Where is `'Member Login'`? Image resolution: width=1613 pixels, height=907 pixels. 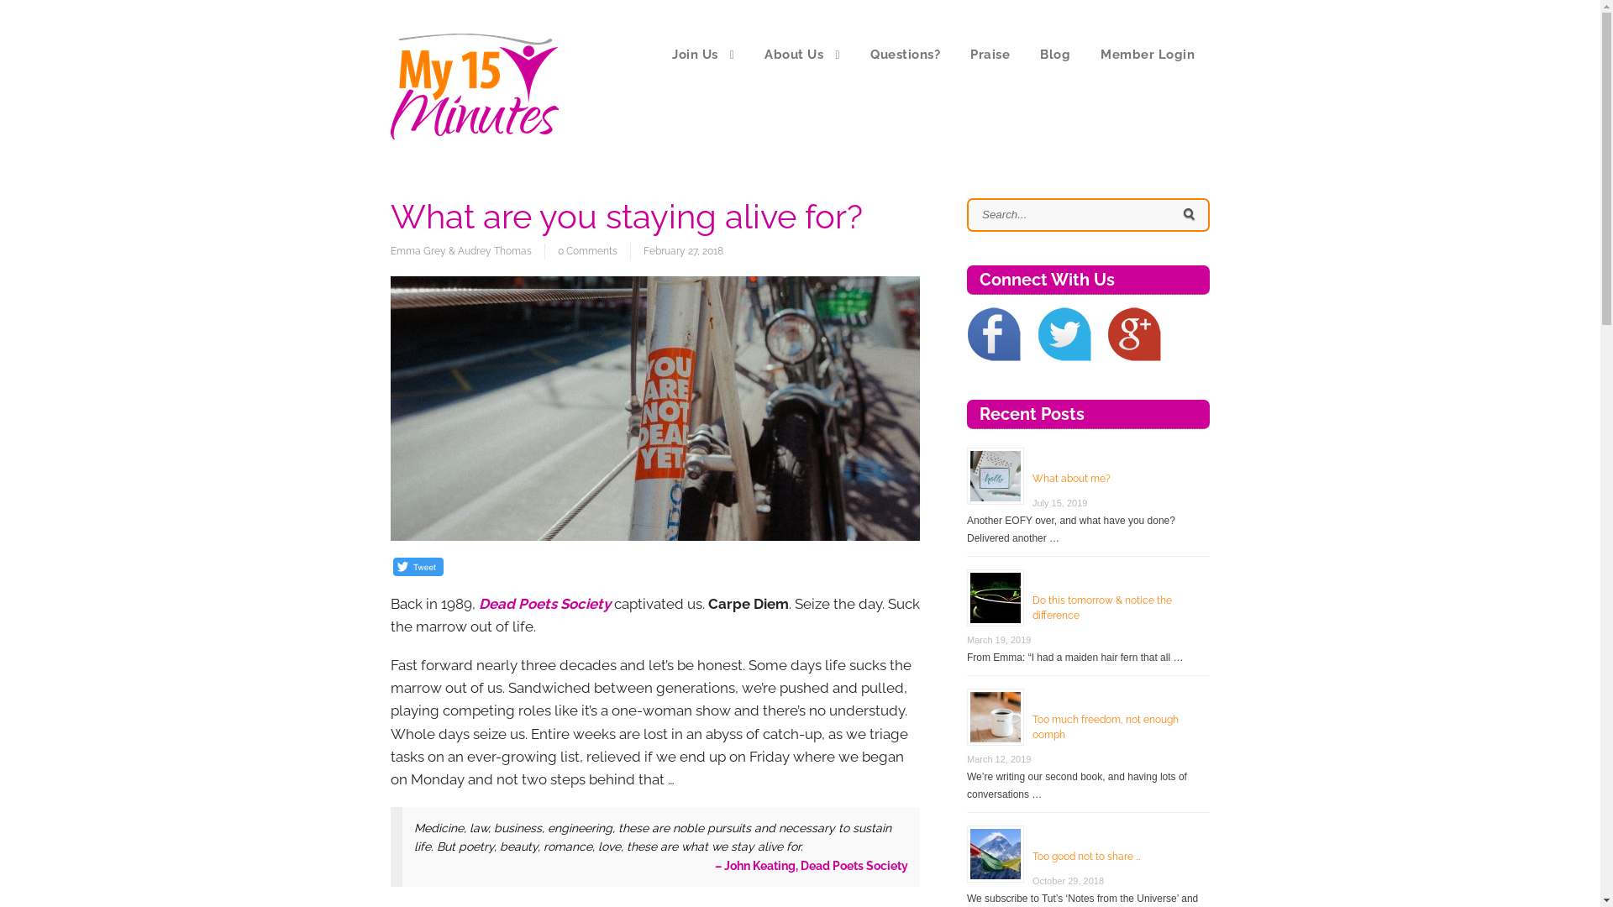 'Member Login' is located at coordinates (1147, 54).